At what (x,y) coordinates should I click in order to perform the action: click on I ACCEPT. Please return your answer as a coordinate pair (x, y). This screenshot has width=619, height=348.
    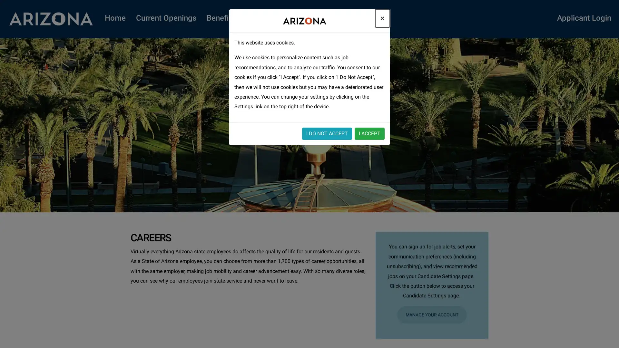
    Looking at the image, I should click on (369, 133).